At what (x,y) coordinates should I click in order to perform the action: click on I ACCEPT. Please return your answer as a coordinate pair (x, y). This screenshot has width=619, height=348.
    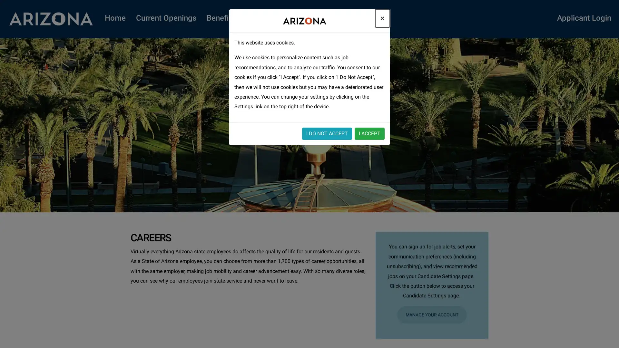
    Looking at the image, I should click on (369, 133).